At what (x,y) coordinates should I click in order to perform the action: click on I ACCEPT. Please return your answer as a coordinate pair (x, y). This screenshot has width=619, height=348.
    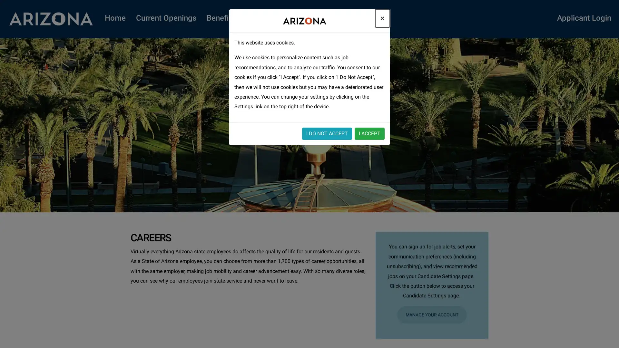
    Looking at the image, I should click on (369, 133).